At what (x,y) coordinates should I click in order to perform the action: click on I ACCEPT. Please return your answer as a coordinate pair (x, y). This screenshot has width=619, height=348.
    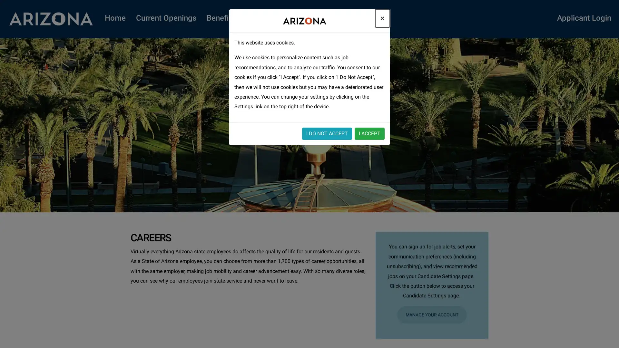
    Looking at the image, I should click on (369, 133).